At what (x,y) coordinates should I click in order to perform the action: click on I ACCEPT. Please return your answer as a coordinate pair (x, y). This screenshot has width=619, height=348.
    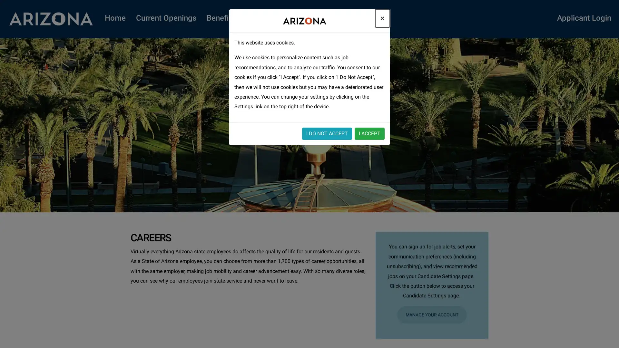
    Looking at the image, I should click on (369, 133).